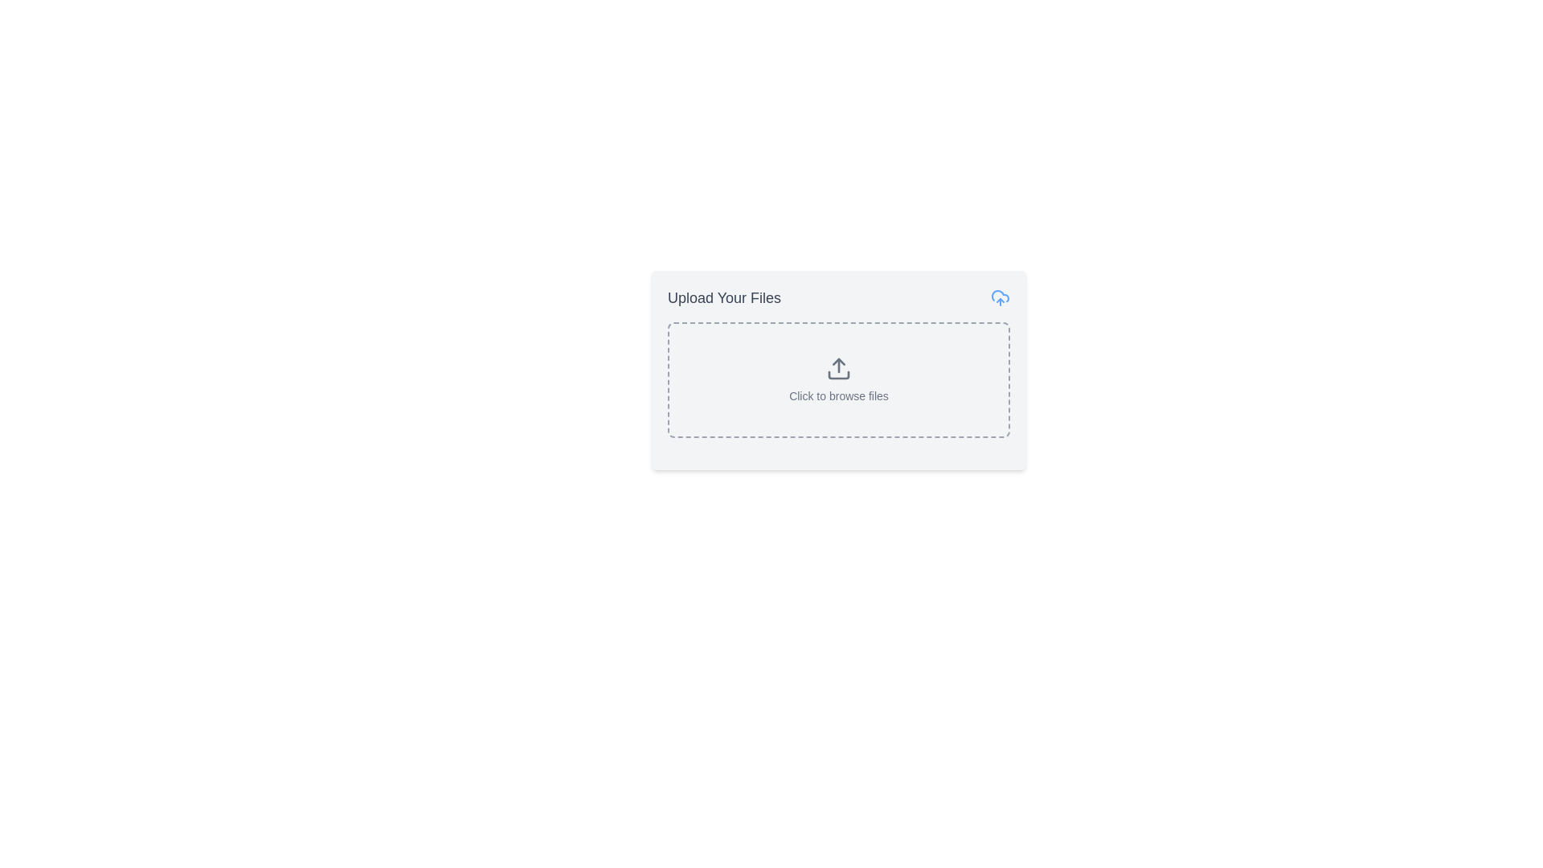 The image size is (1543, 868). Describe the element at coordinates (837, 380) in the screenshot. I see `the file upload drop zone located centrally below the 'Upload Your Files' header` at that location.